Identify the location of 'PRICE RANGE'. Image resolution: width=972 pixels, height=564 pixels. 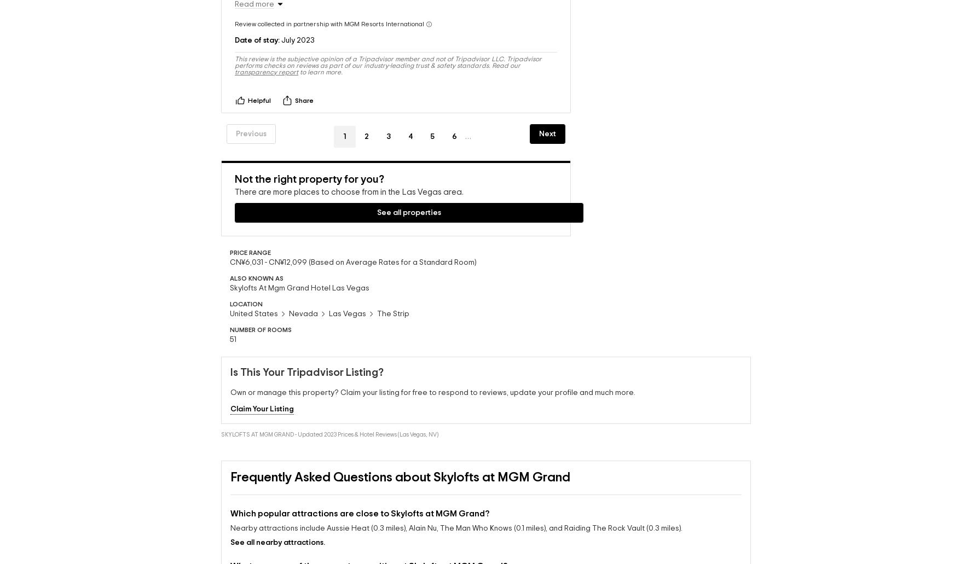
(250, 242).